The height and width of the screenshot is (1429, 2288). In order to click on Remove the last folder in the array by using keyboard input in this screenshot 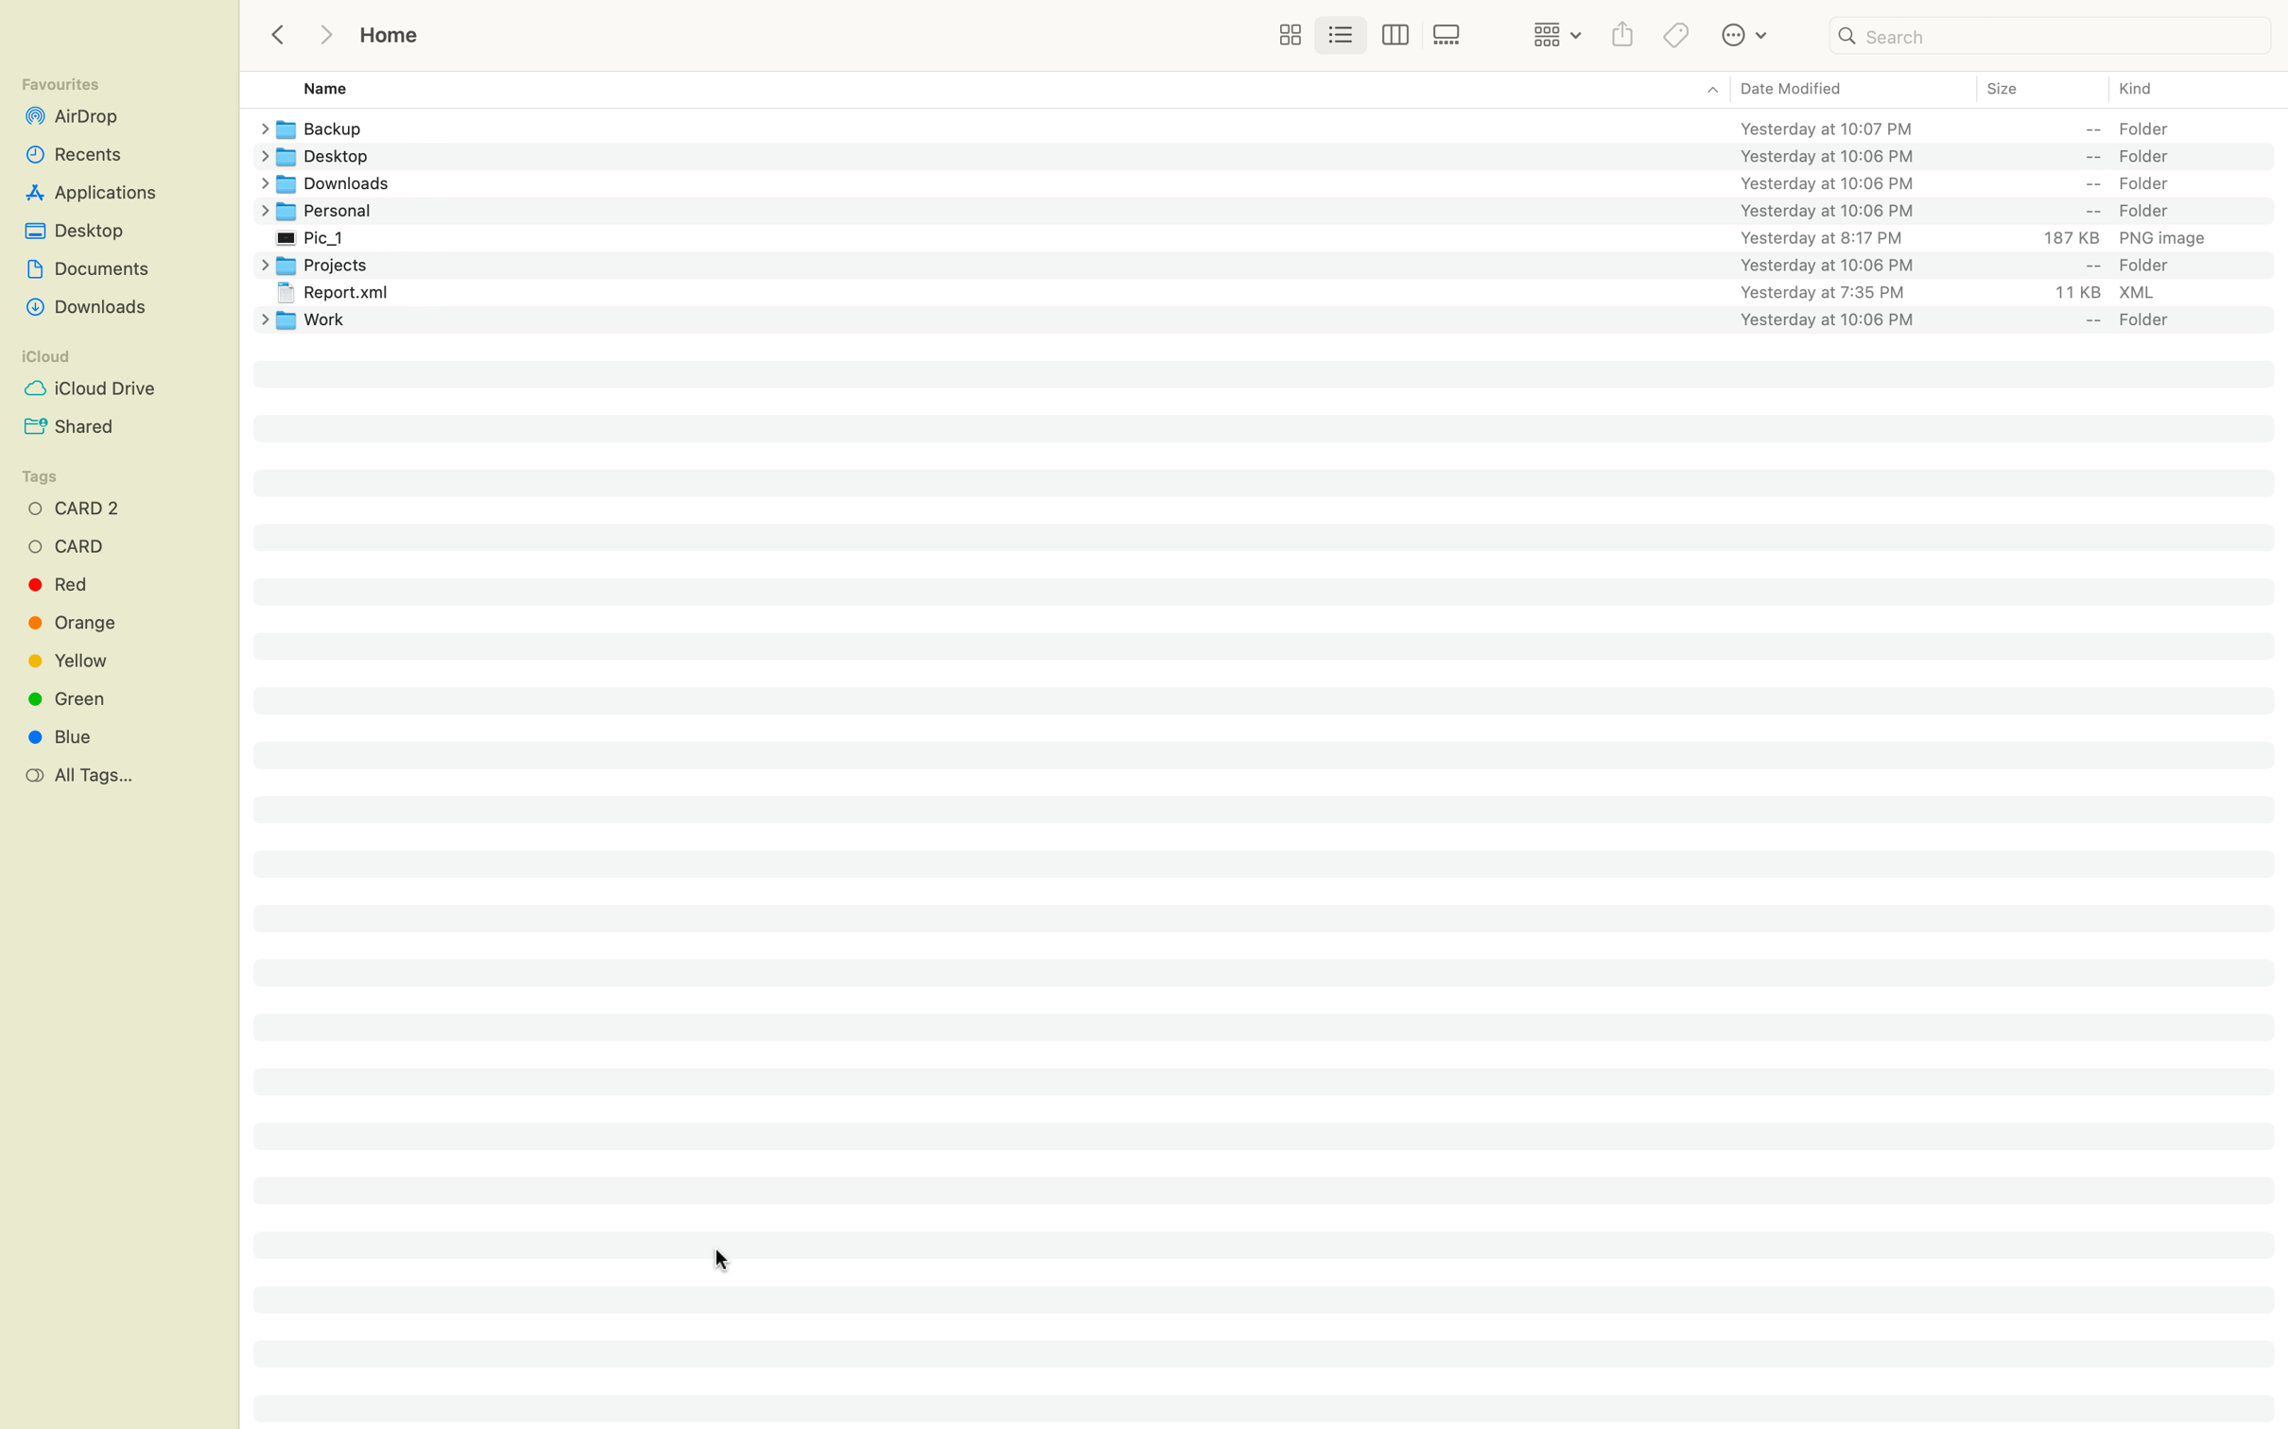, I will do `click(1279, 318)`.